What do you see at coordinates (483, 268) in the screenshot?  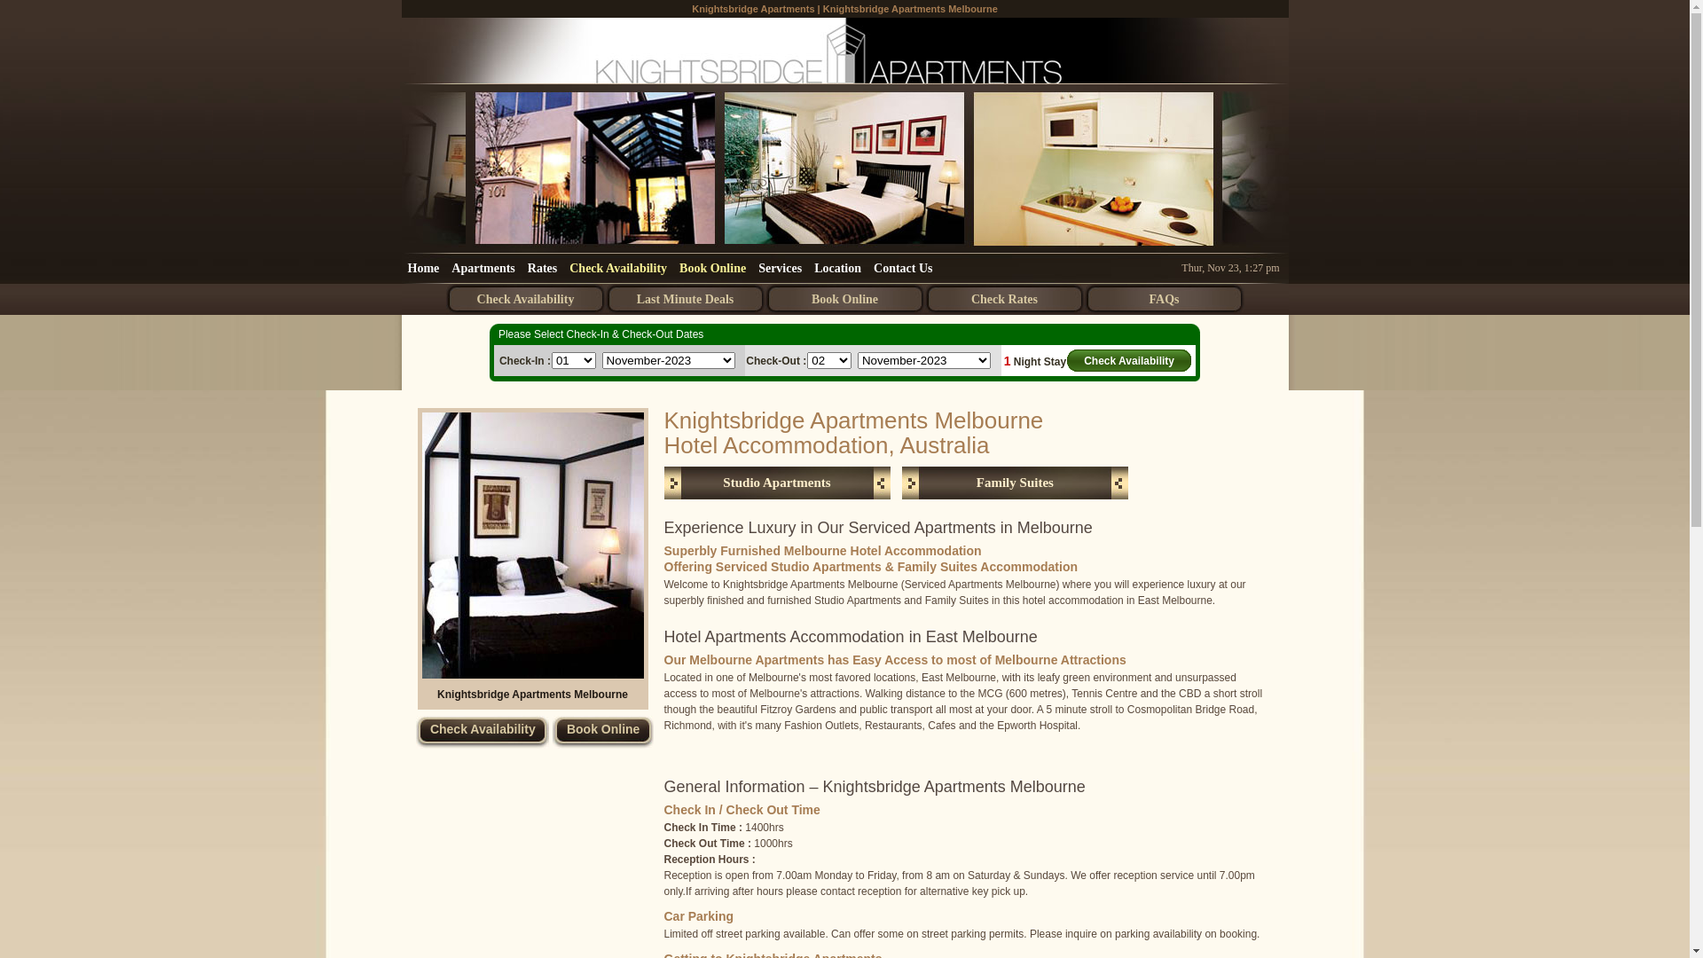 I see `'Apartments'` at bounding box center [483, 268].